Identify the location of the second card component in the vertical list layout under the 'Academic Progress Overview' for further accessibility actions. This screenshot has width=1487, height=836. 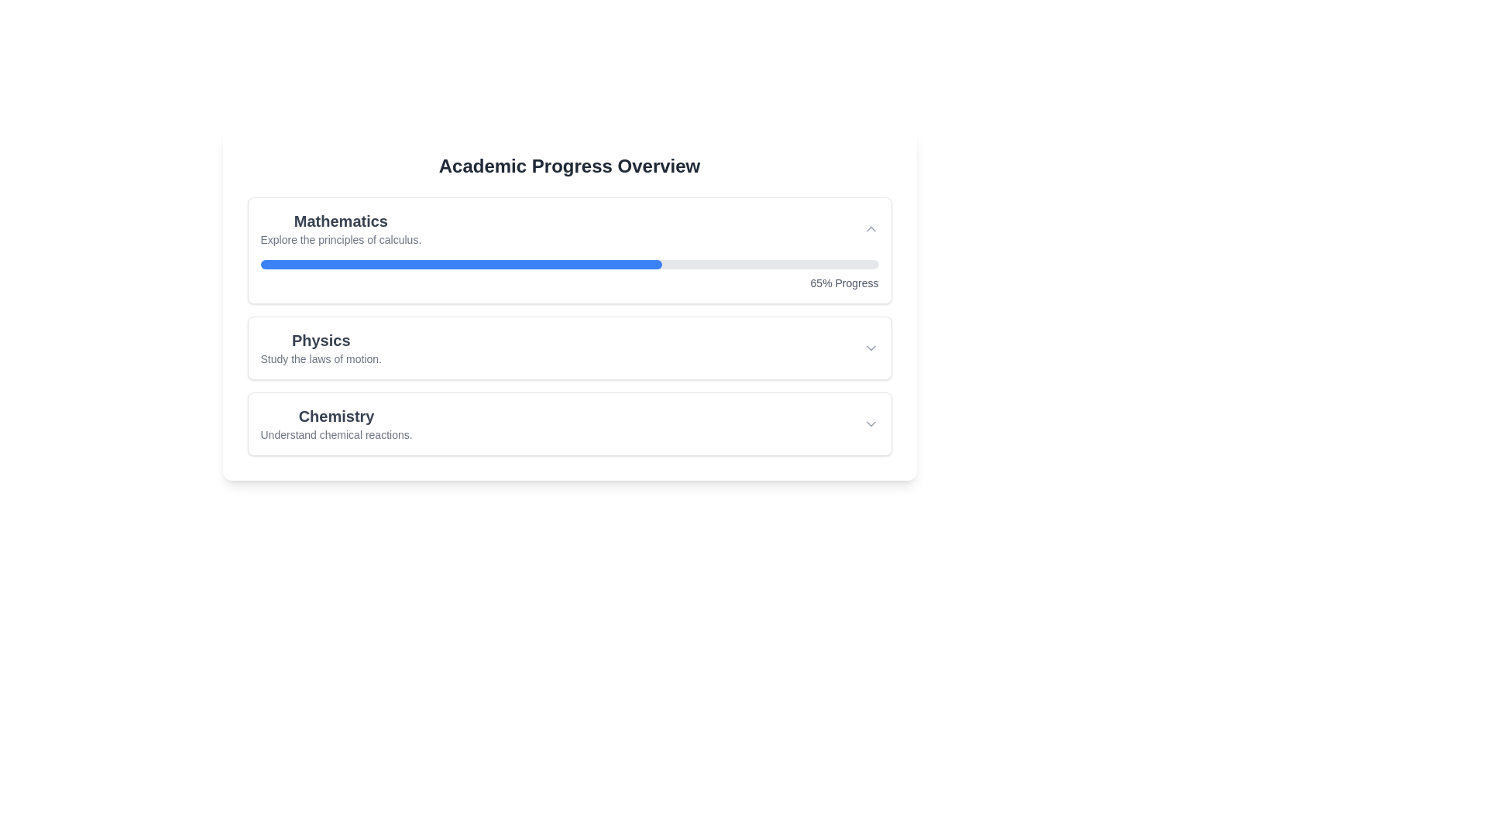
(568, 325).